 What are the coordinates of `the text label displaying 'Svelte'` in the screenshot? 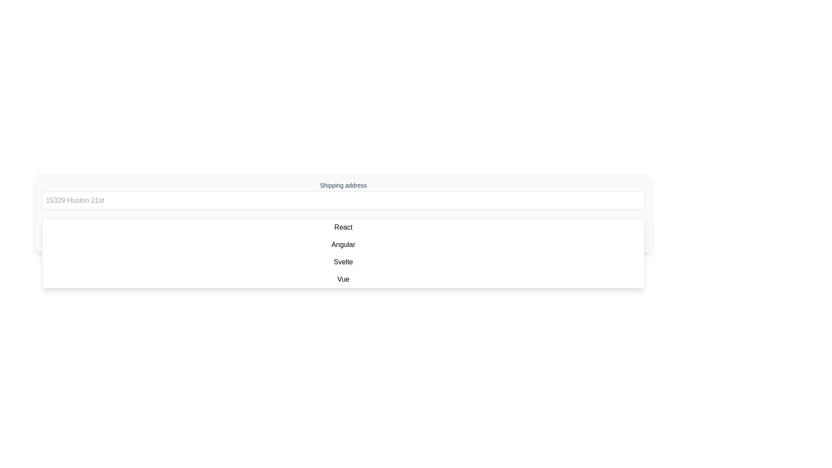 It's located at (343, 262).